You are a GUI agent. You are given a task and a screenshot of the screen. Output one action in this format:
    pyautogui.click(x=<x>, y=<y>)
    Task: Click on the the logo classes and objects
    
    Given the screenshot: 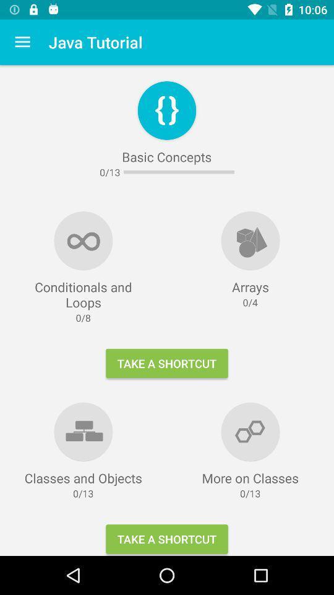 What is the action you would take?
    pyautogui.click(x=83, y=431)
    